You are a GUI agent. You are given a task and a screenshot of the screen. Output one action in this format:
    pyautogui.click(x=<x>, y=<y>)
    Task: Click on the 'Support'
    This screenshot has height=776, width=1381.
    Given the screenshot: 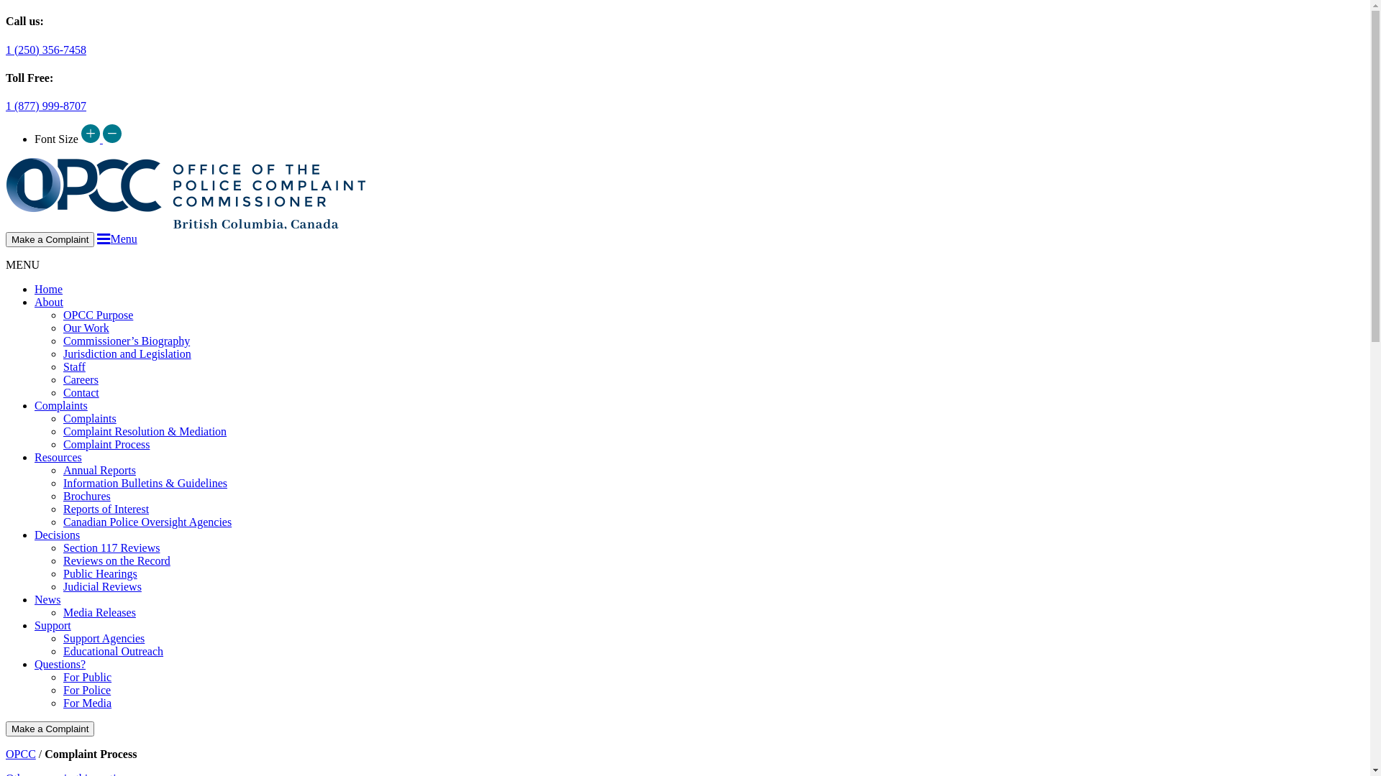 What is the action you would take?
    pyautogui.click(x=35, y=624)
    